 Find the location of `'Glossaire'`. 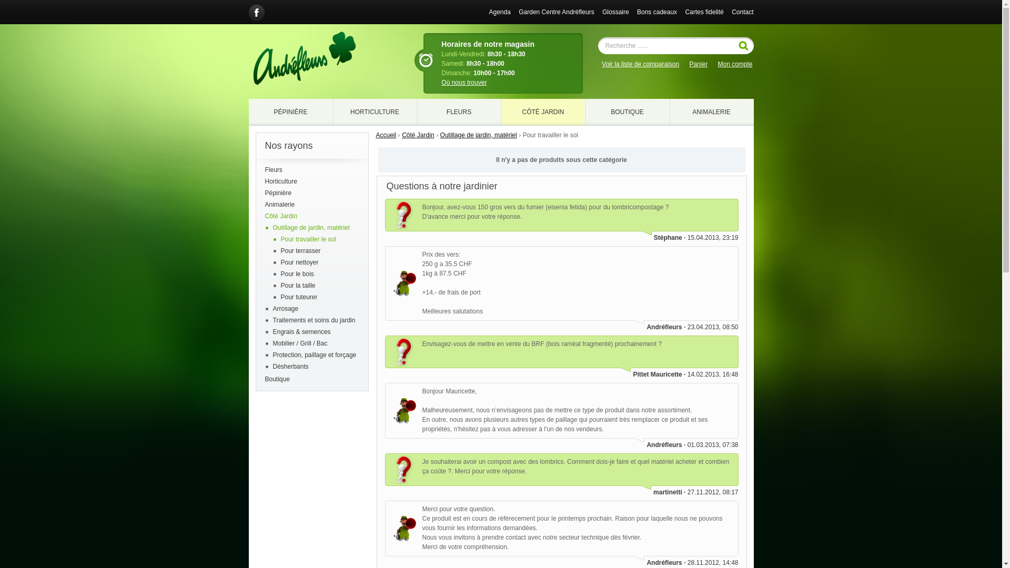

'Glossaire' is located at coordinates (615, 12).